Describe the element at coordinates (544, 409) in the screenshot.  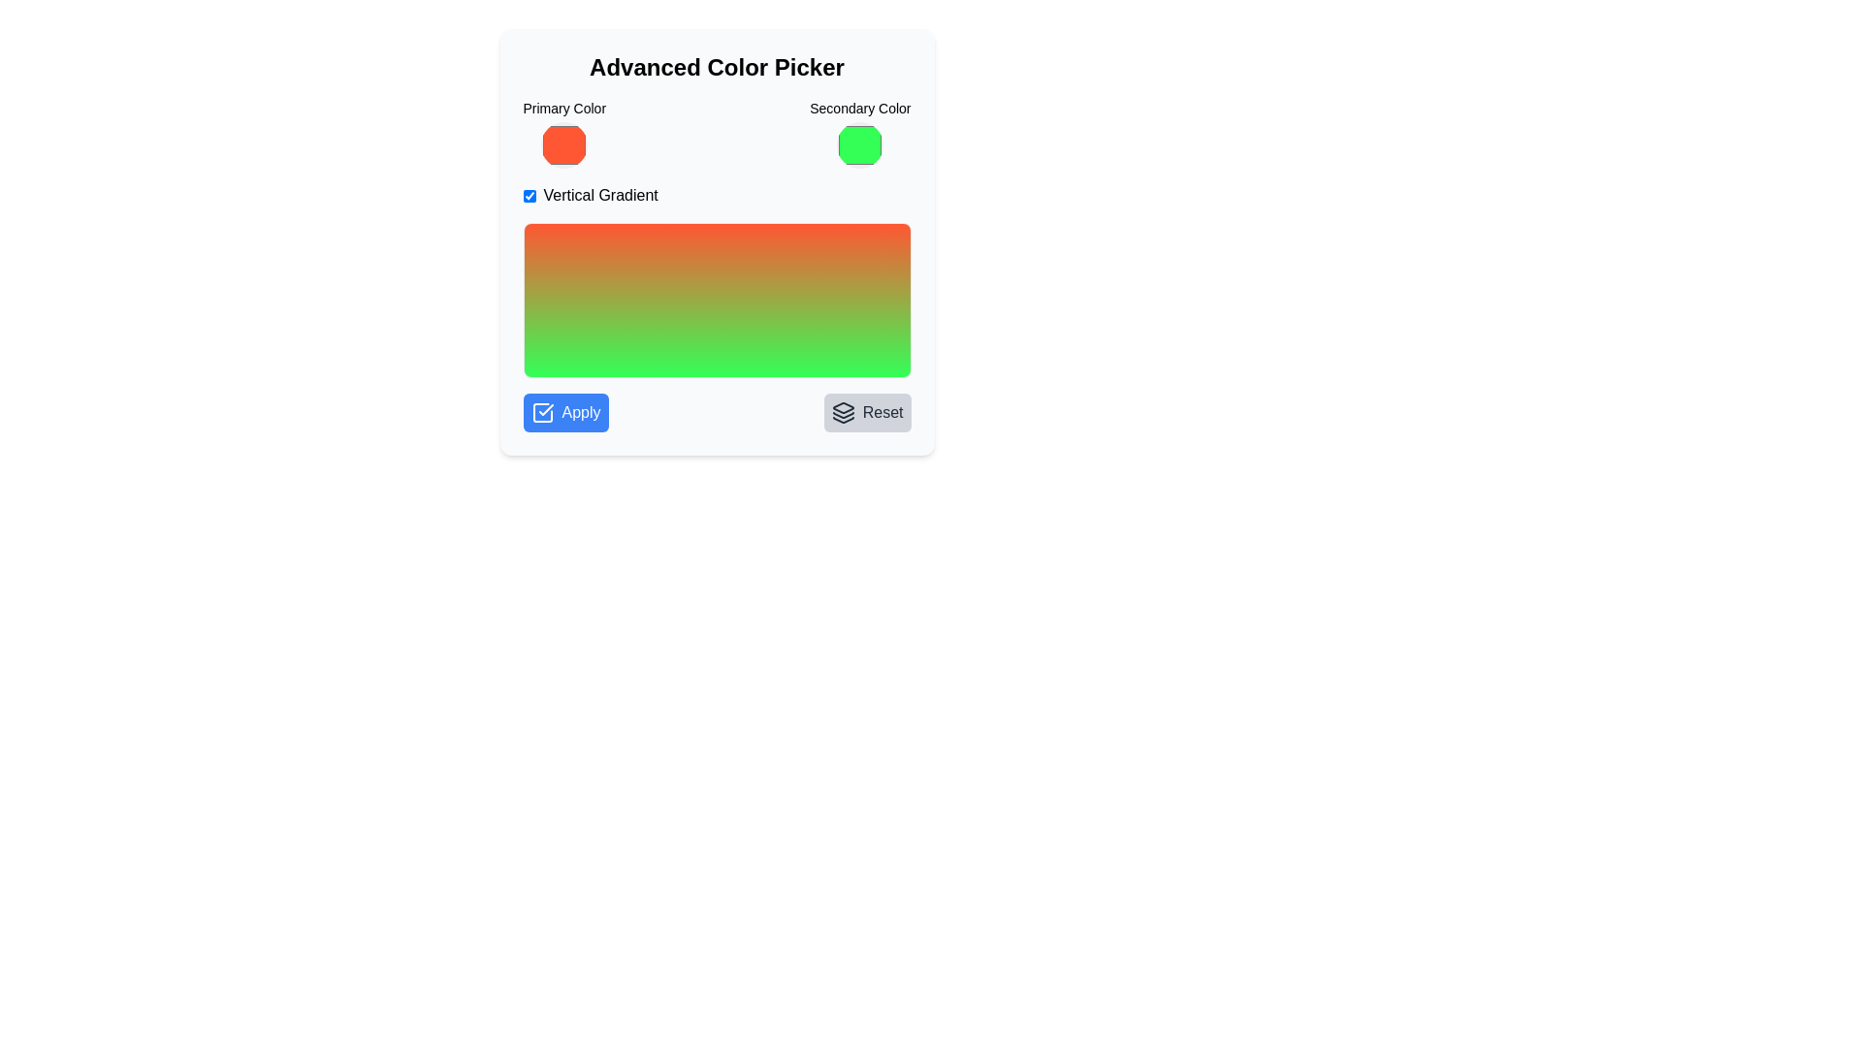
I see `the confirmation icon located inside a square icon in the lower-left area of the modal near the 'Apply' button` at that location.